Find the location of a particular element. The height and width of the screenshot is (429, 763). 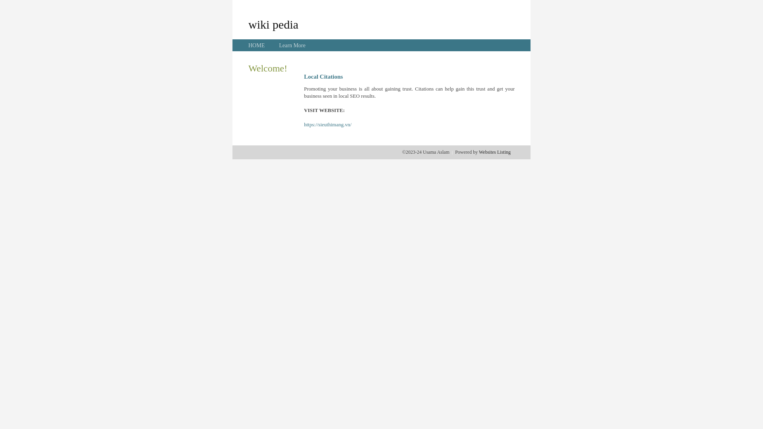

'HOME' is located at coordinates (248, 45).